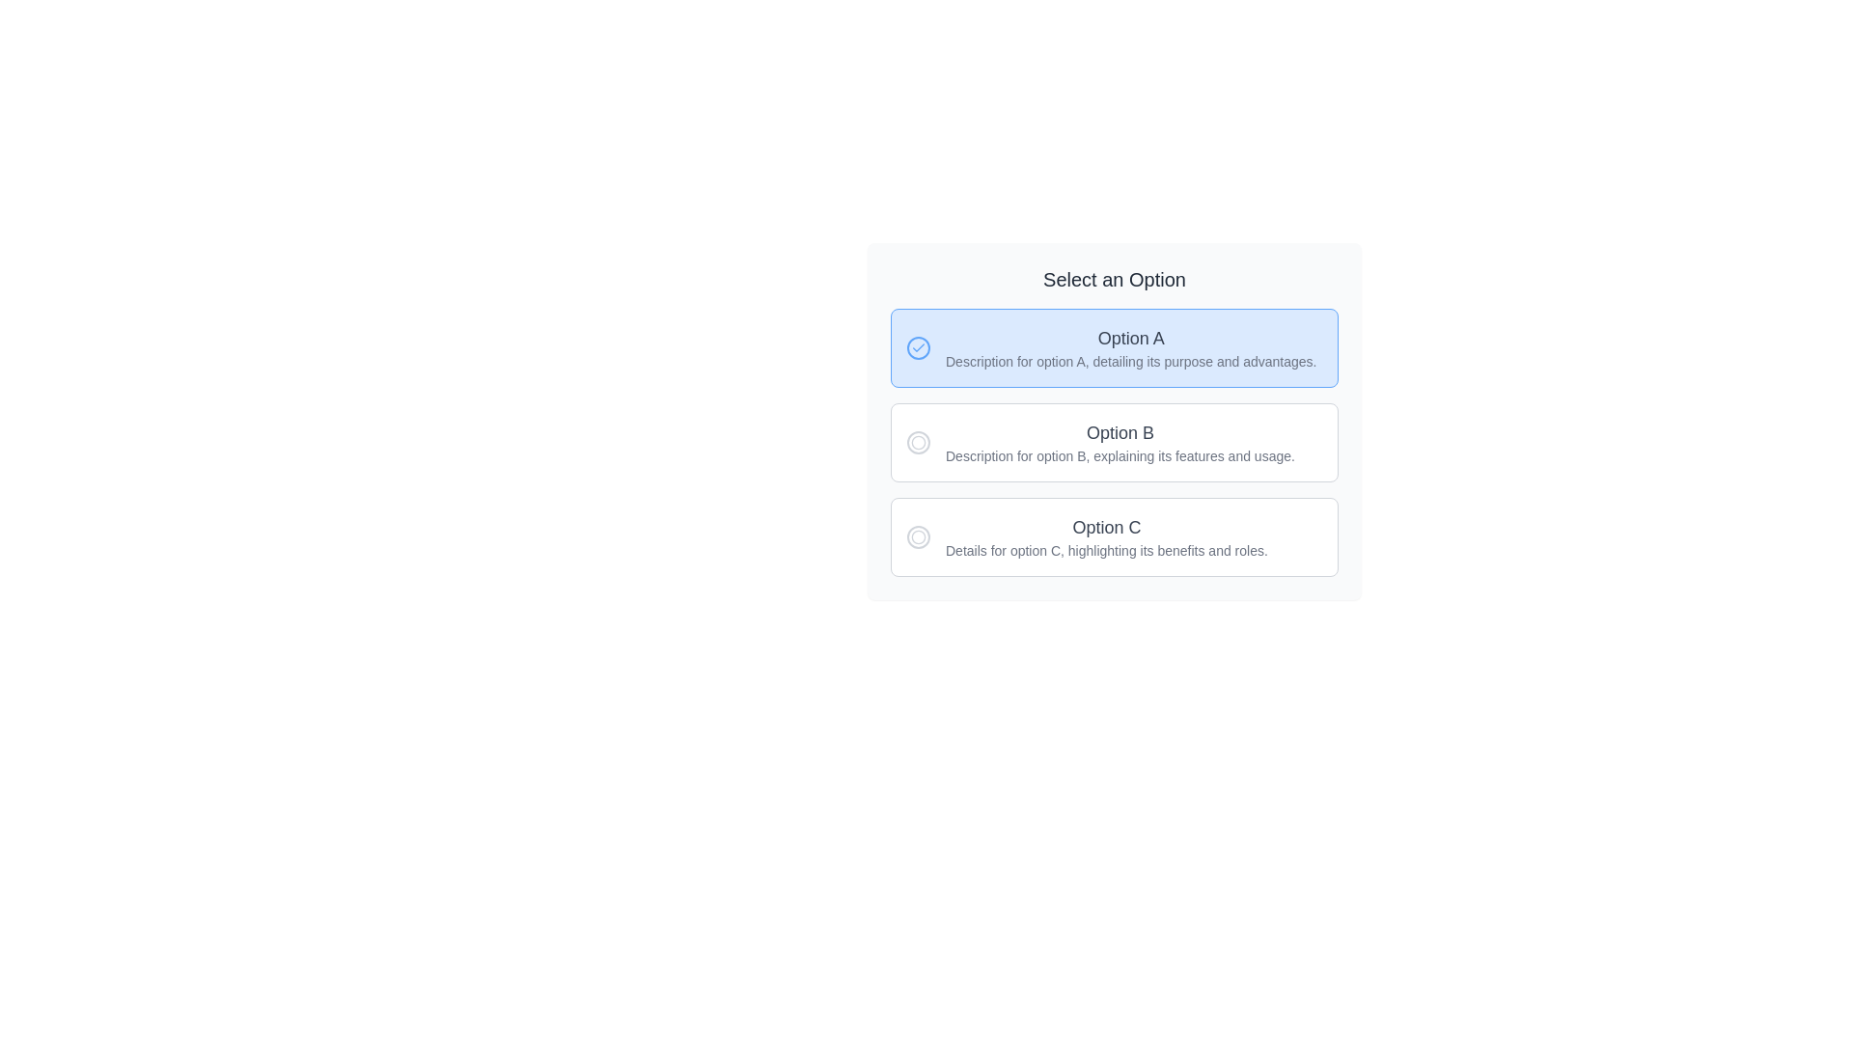  I want to click on 'Option B' in the selectable options group, so click(1115, 443).